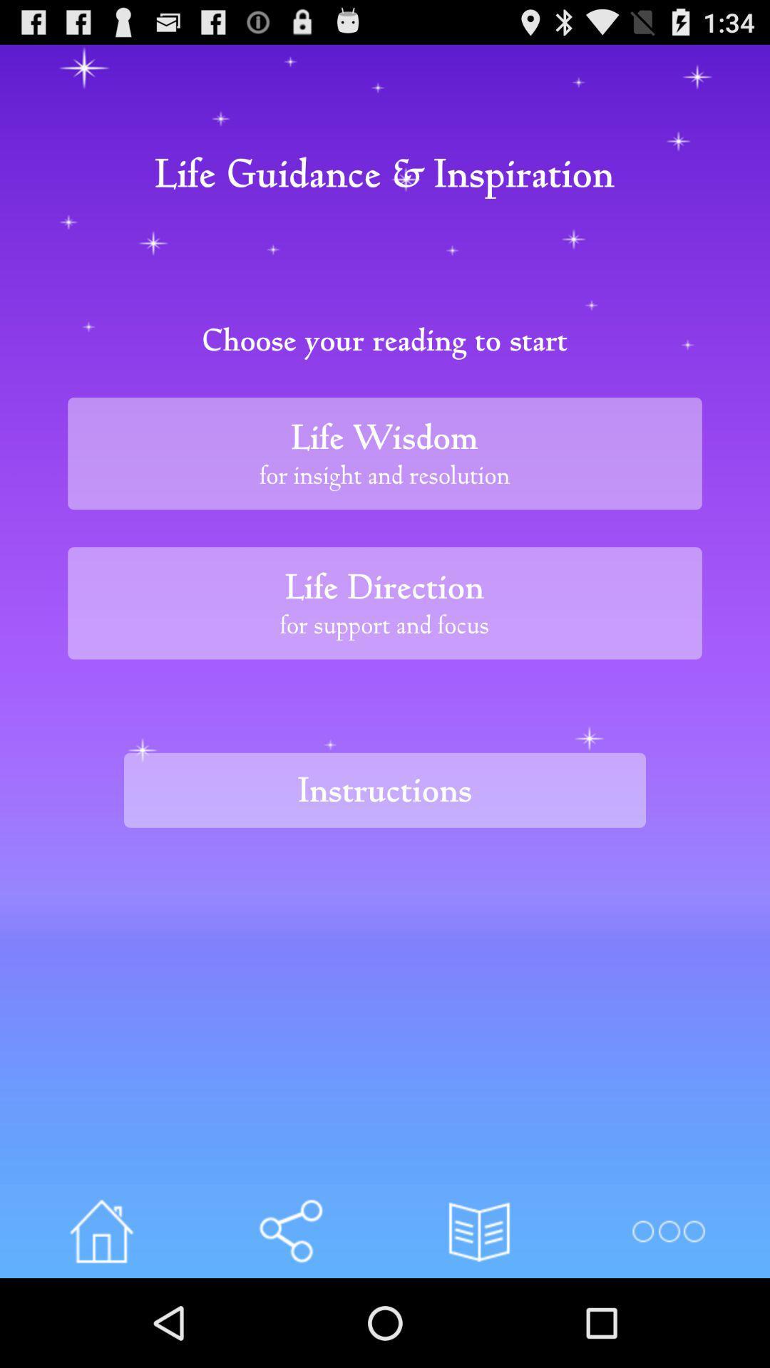  Describe the element at coordinates (101, 1230) in the screenshot. I see `home page` at that location.